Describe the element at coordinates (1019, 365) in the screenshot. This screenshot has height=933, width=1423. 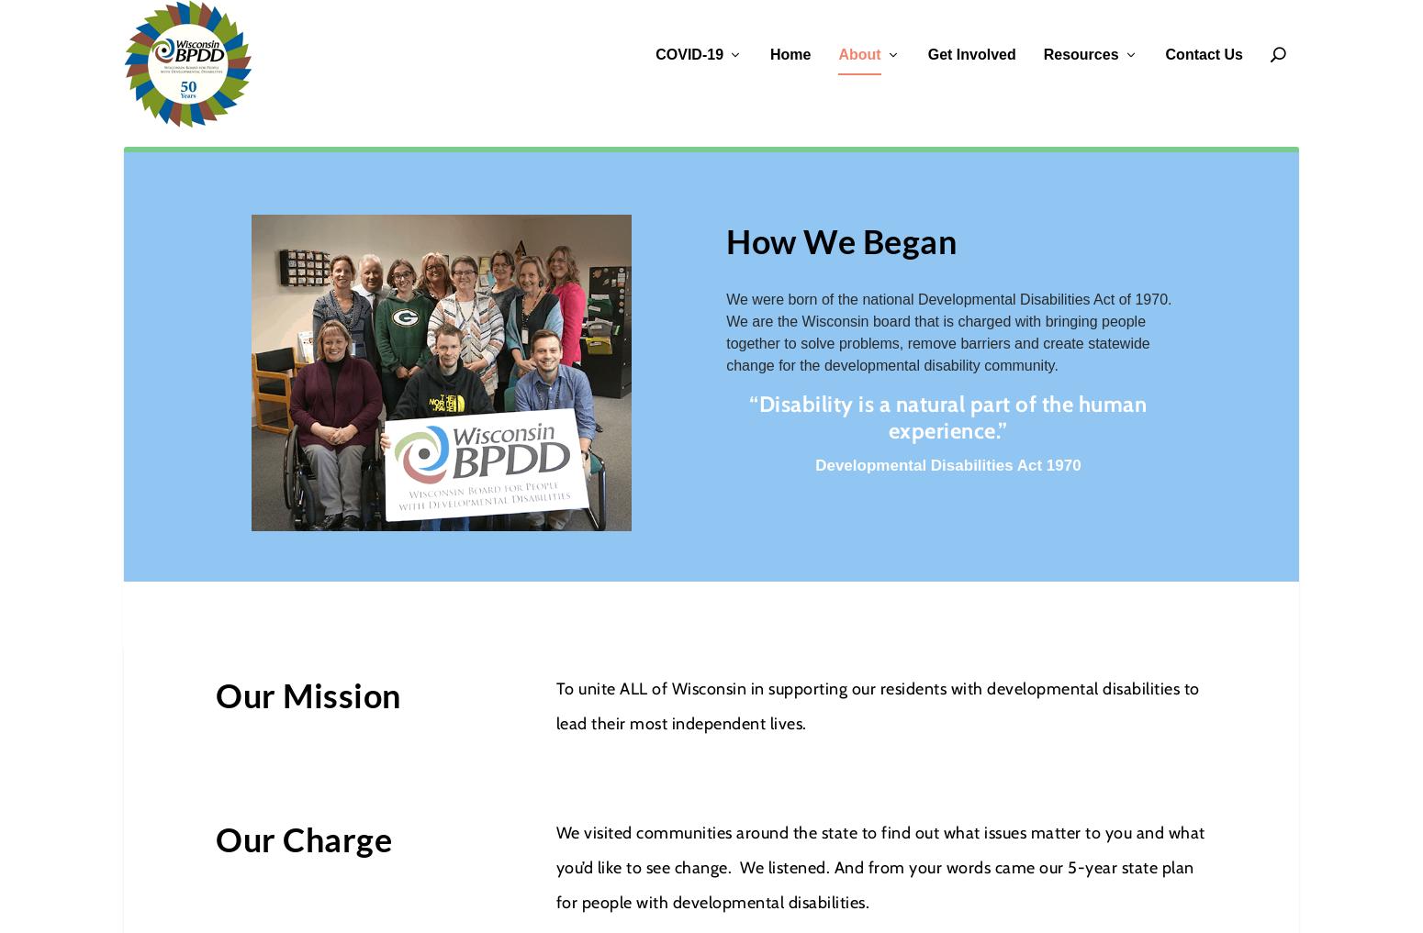
I see `'community.'` at that location.